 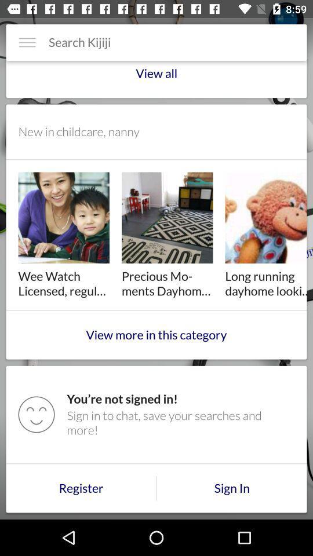 I want to click on register item, so click(x=80, y=488).